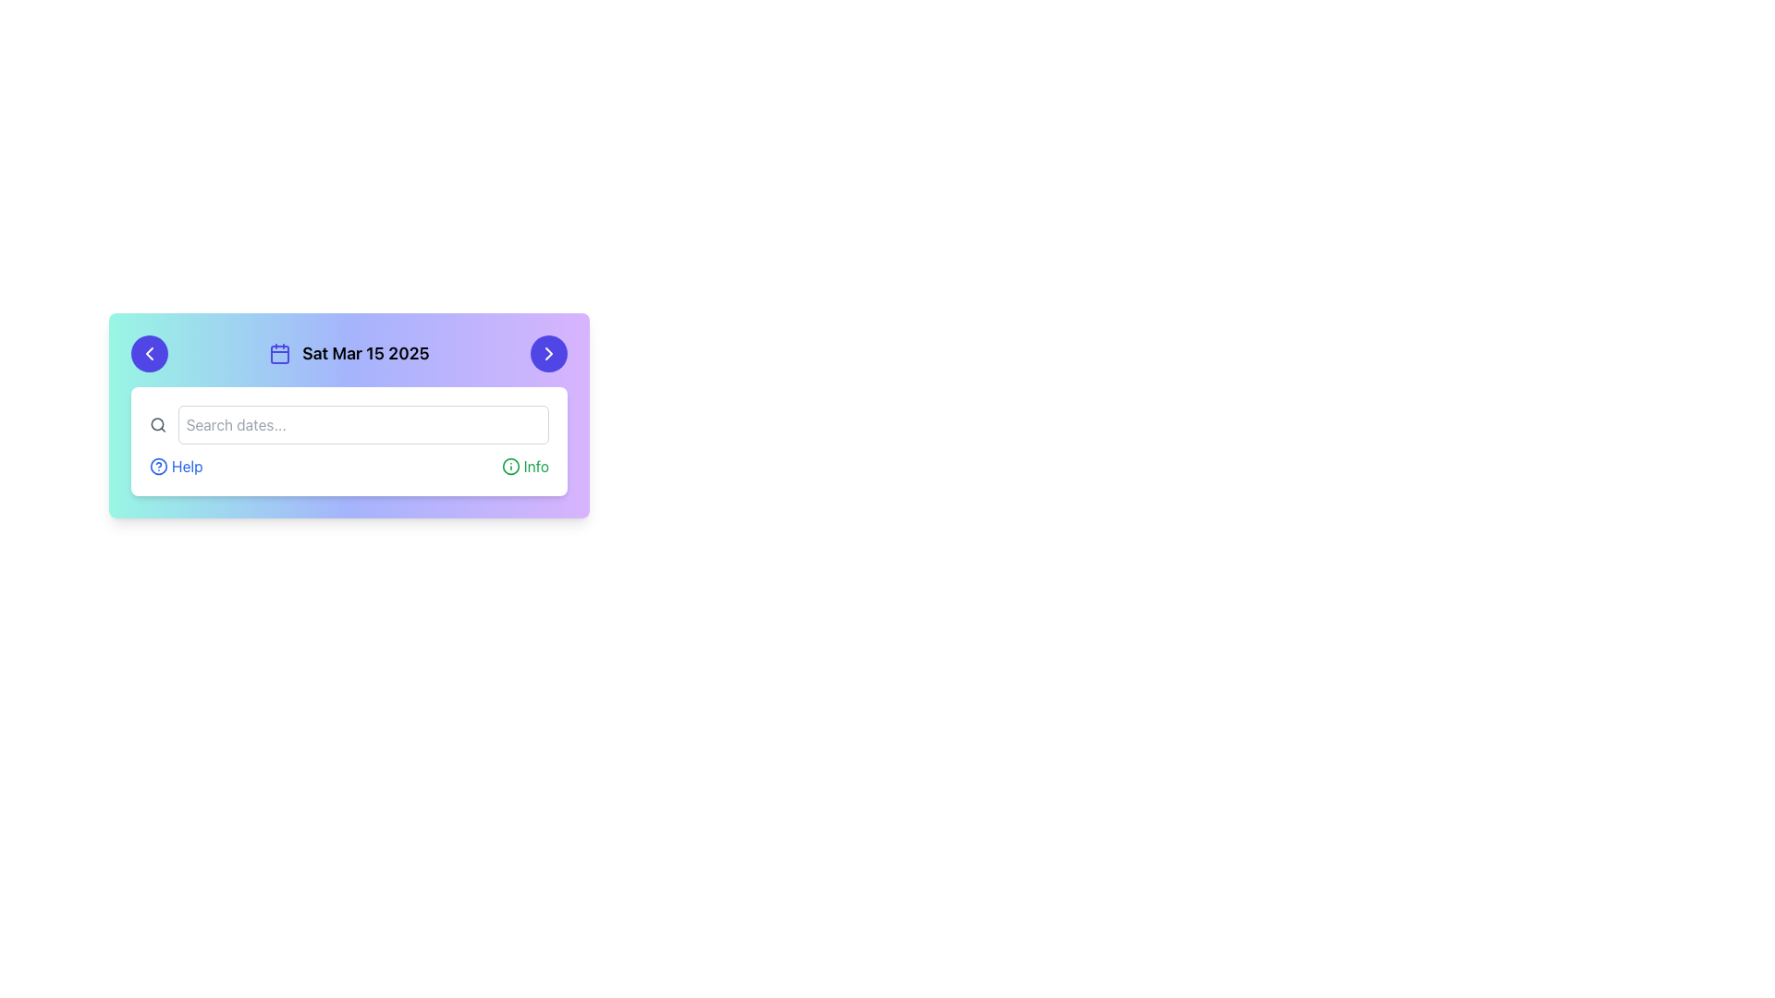  What do you see at coordinates (278, 355) in the screenshot?
I see `the main body of the calendar icon, which is located slightly to the left within the header bar, preceding the date display` at bounding box center [278, 355].